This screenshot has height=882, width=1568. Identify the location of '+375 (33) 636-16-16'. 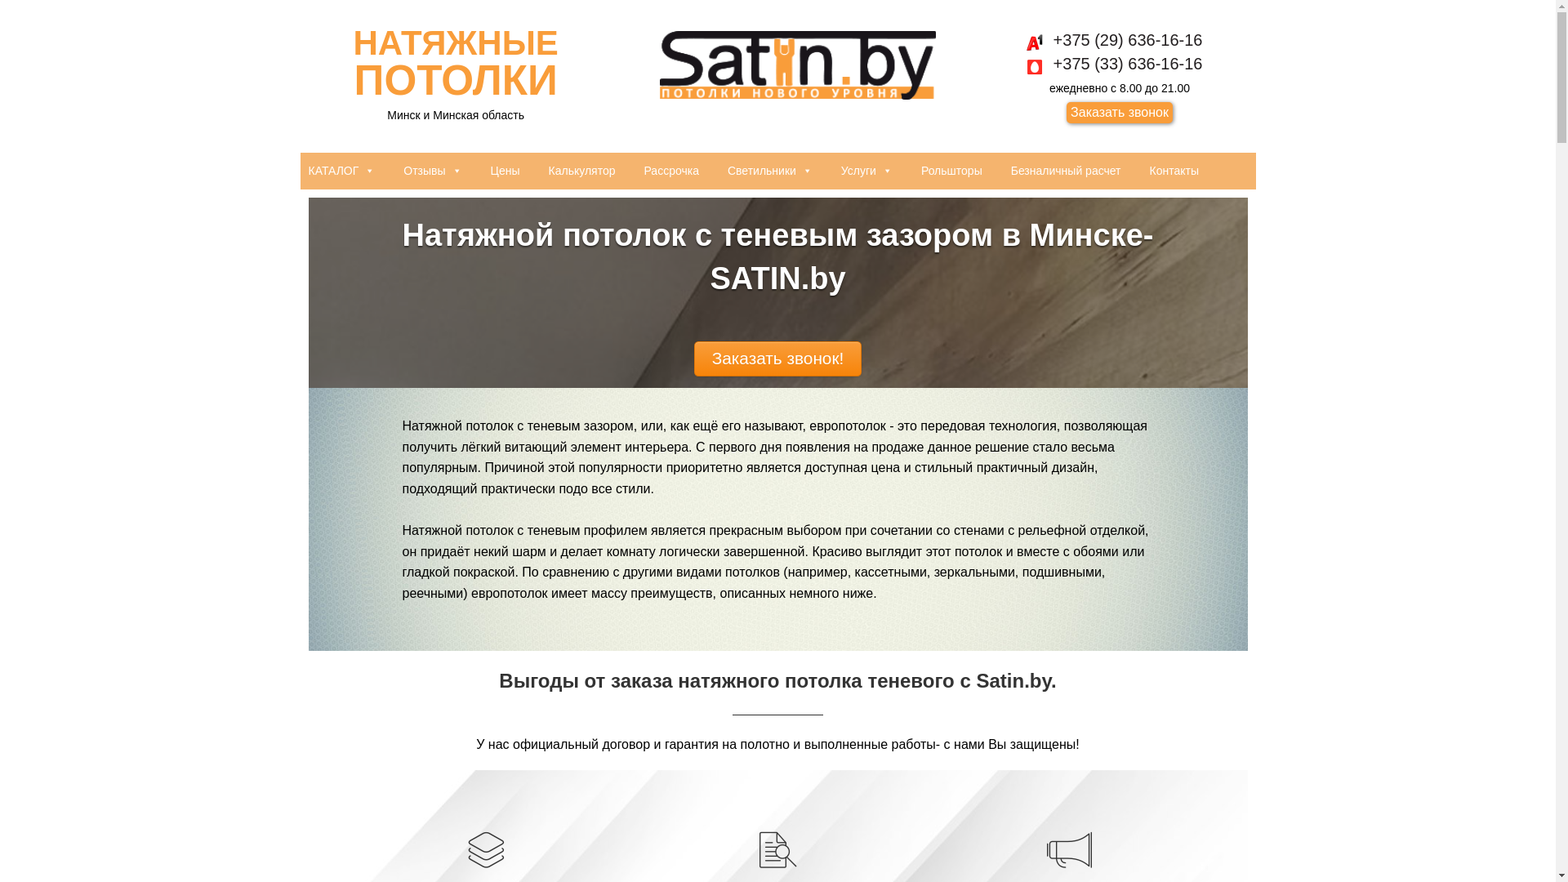
(1036, 62).